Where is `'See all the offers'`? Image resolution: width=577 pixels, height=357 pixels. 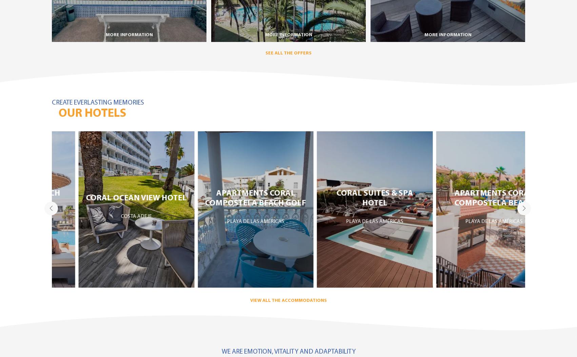 'See all the offers' is located at coordinates (288, 53).